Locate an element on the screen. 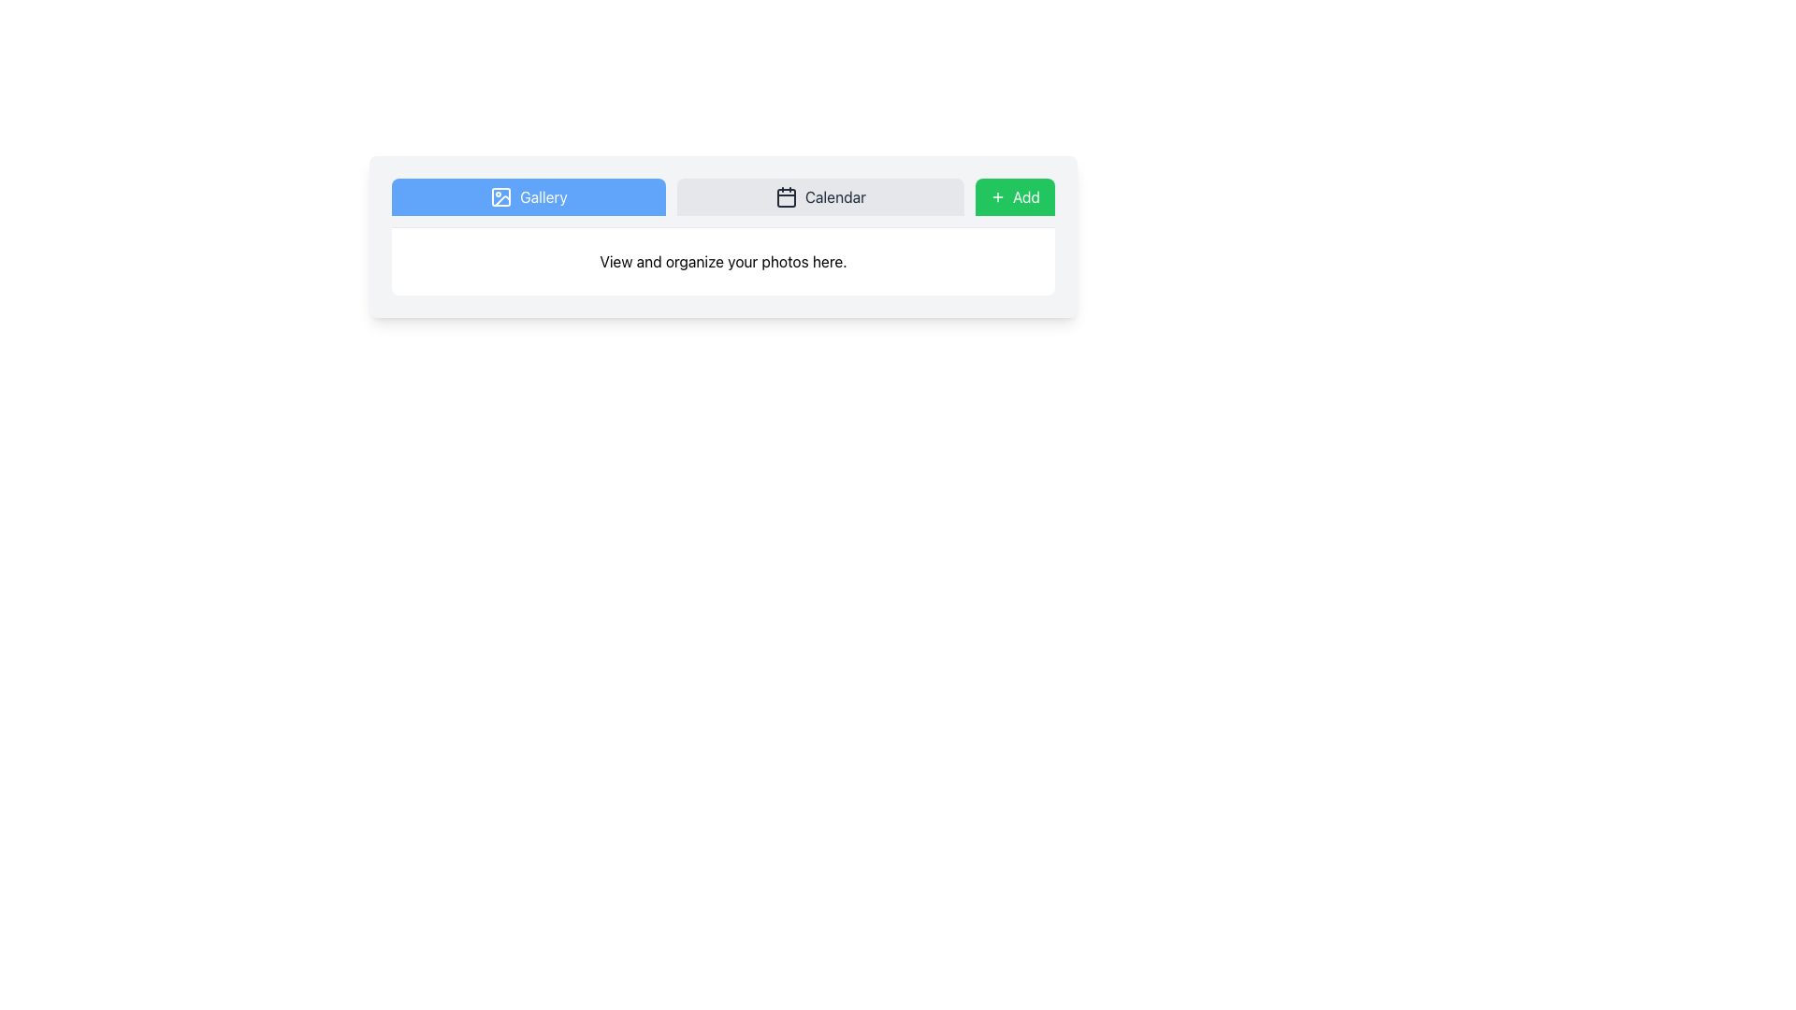 This screenshot has width=1796, height=1010. the calendar icon located within the button labeled 'Calendar', which is the second button from the left is located at coordinates (786, 197).